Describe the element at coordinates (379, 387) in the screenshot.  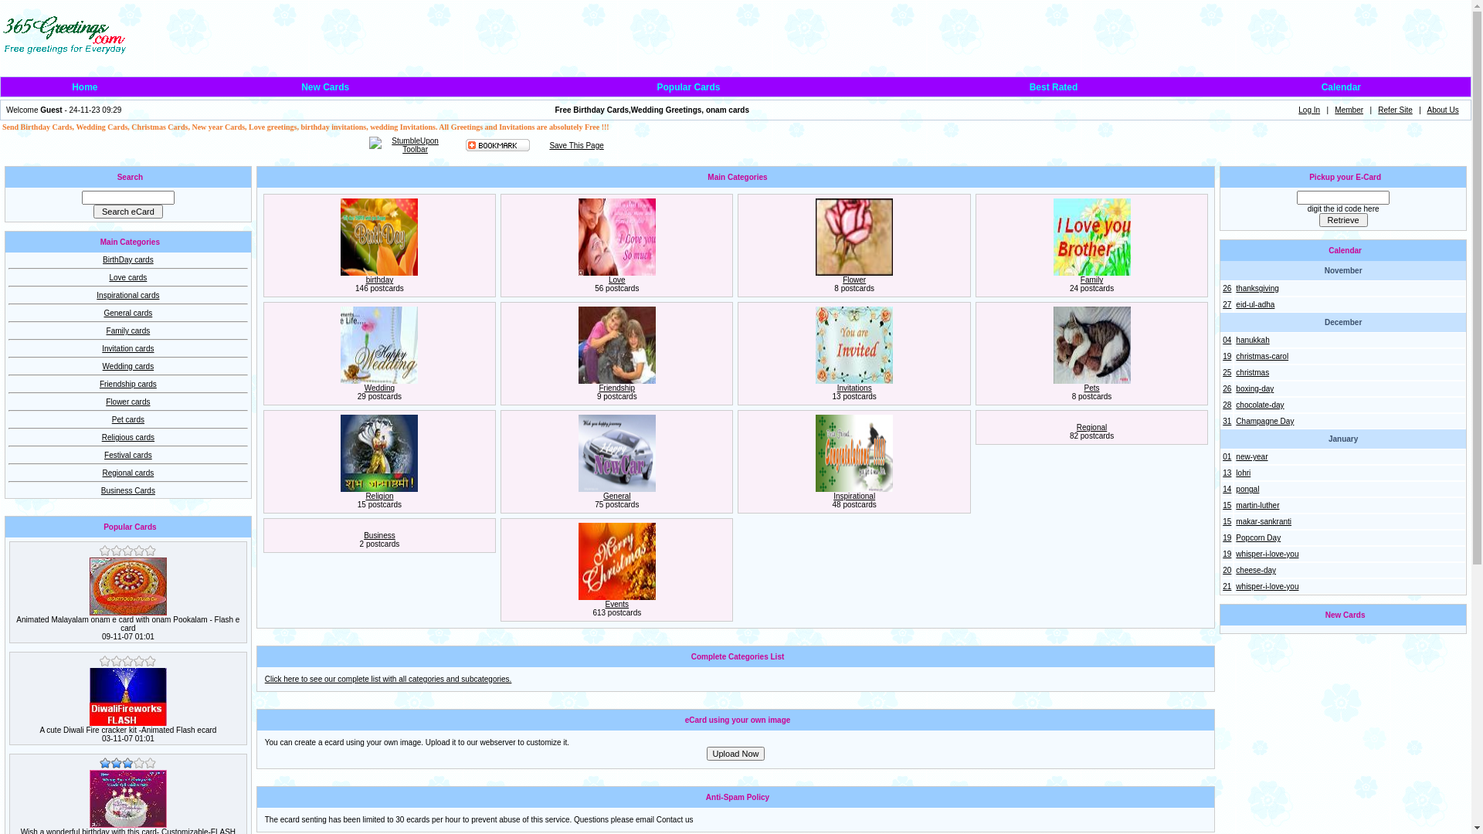
I see `'Wedding'` at that location.